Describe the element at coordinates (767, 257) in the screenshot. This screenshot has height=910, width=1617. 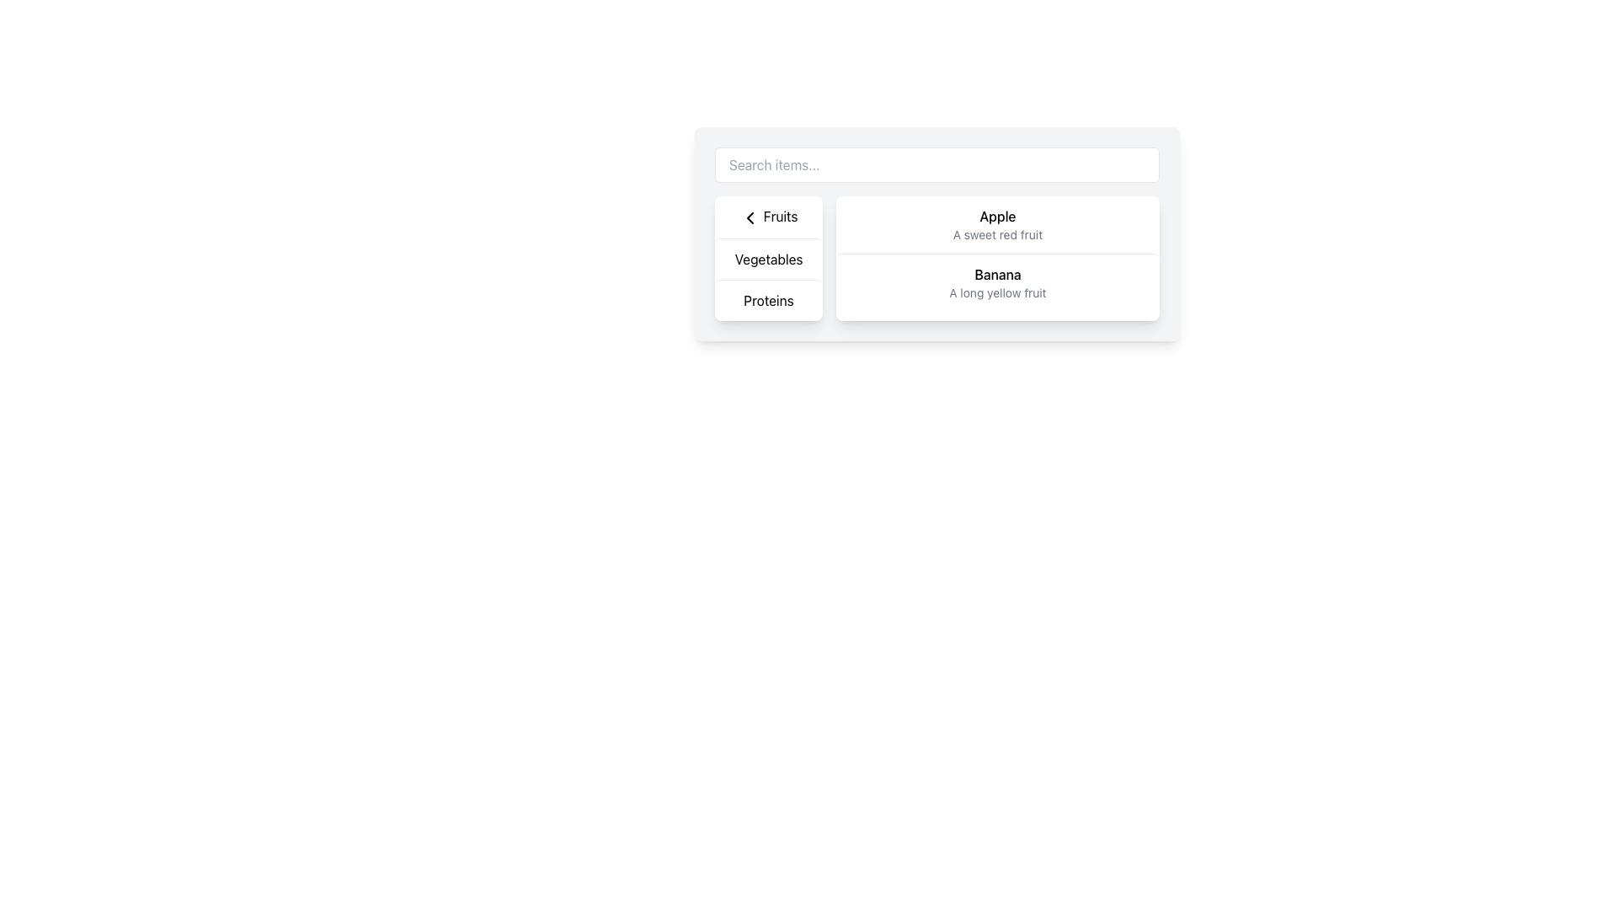
I see `the 'Vegetables' option in the vertical navigation list` at that location.